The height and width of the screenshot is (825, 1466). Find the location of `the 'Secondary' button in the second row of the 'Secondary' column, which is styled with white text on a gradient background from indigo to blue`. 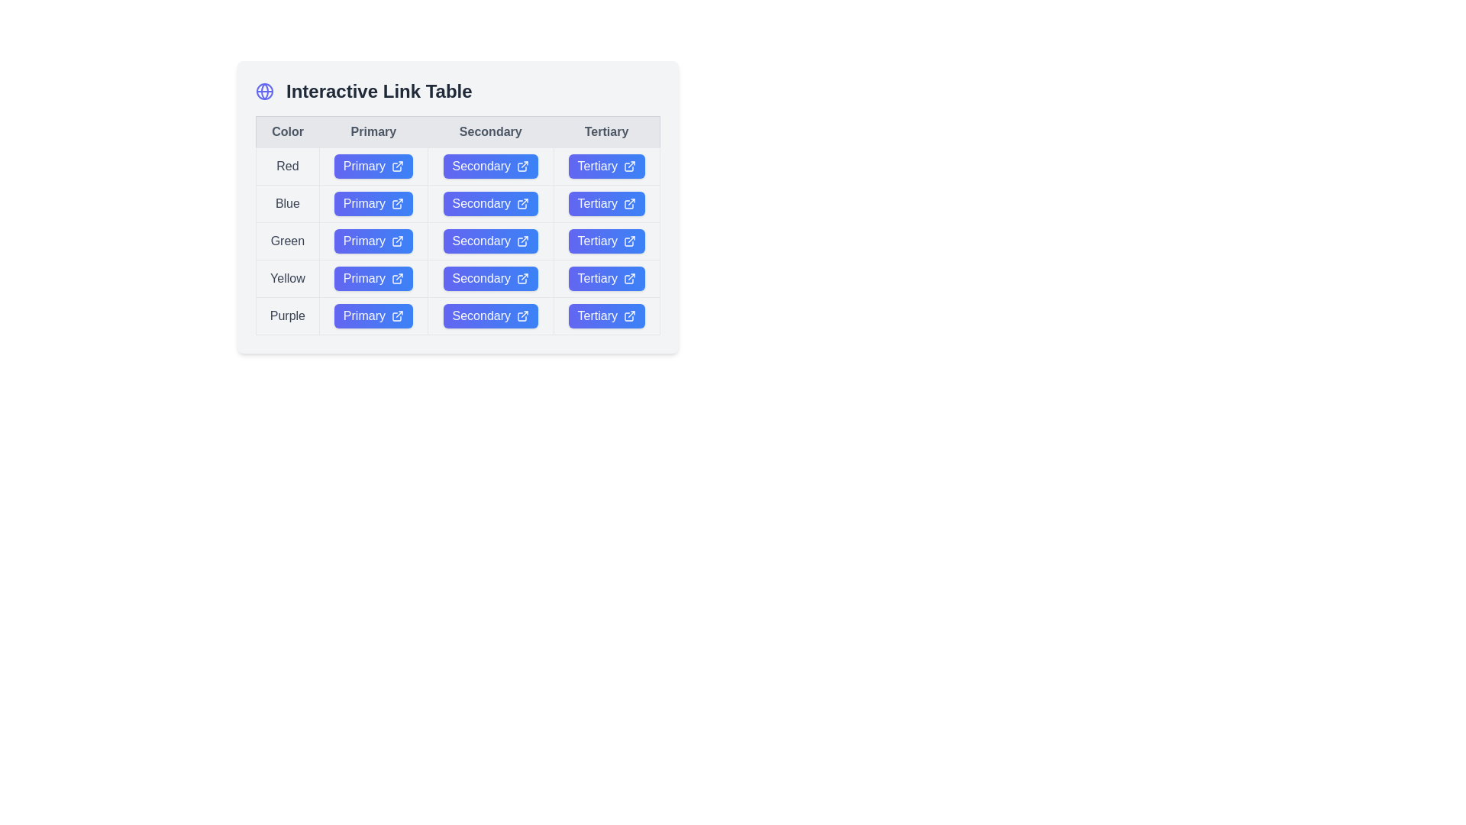

the 'Secondary' button in the second row of the 'Secondary' column, which is styled with white text on a gradient background from indigo to blue is located at coordinates (480, 167).